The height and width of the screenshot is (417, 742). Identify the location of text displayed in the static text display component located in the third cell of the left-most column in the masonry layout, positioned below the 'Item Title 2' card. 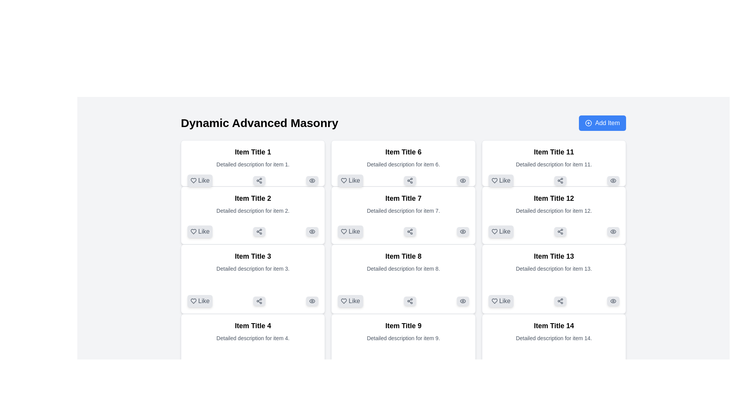
(253, 269).